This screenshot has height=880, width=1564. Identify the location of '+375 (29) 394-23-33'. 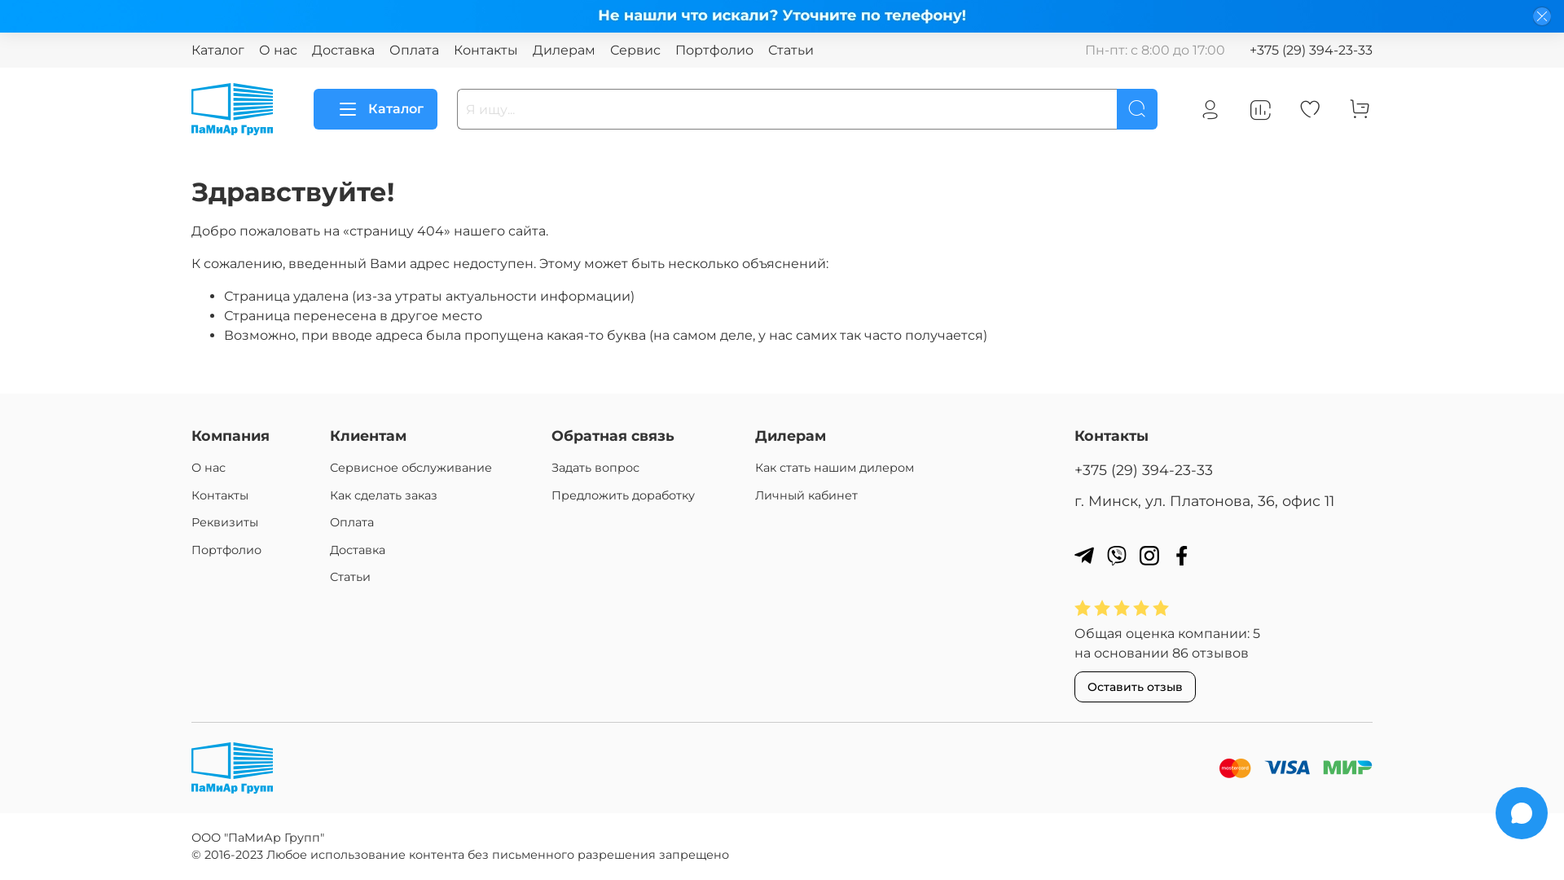
(1311, 49).